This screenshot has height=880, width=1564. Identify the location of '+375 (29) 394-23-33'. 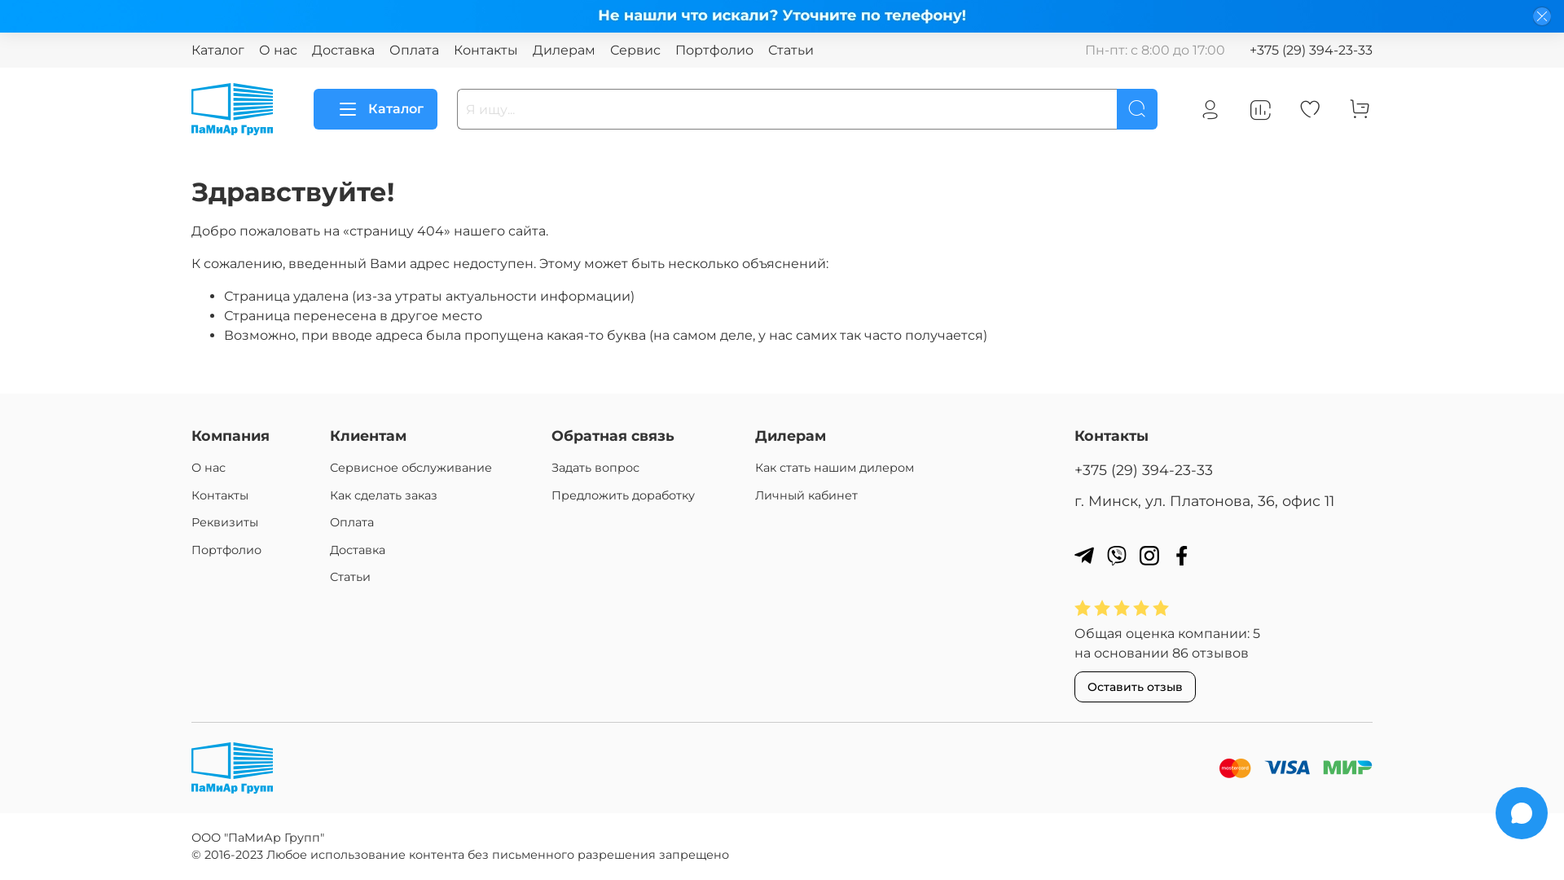
(1311, 49).